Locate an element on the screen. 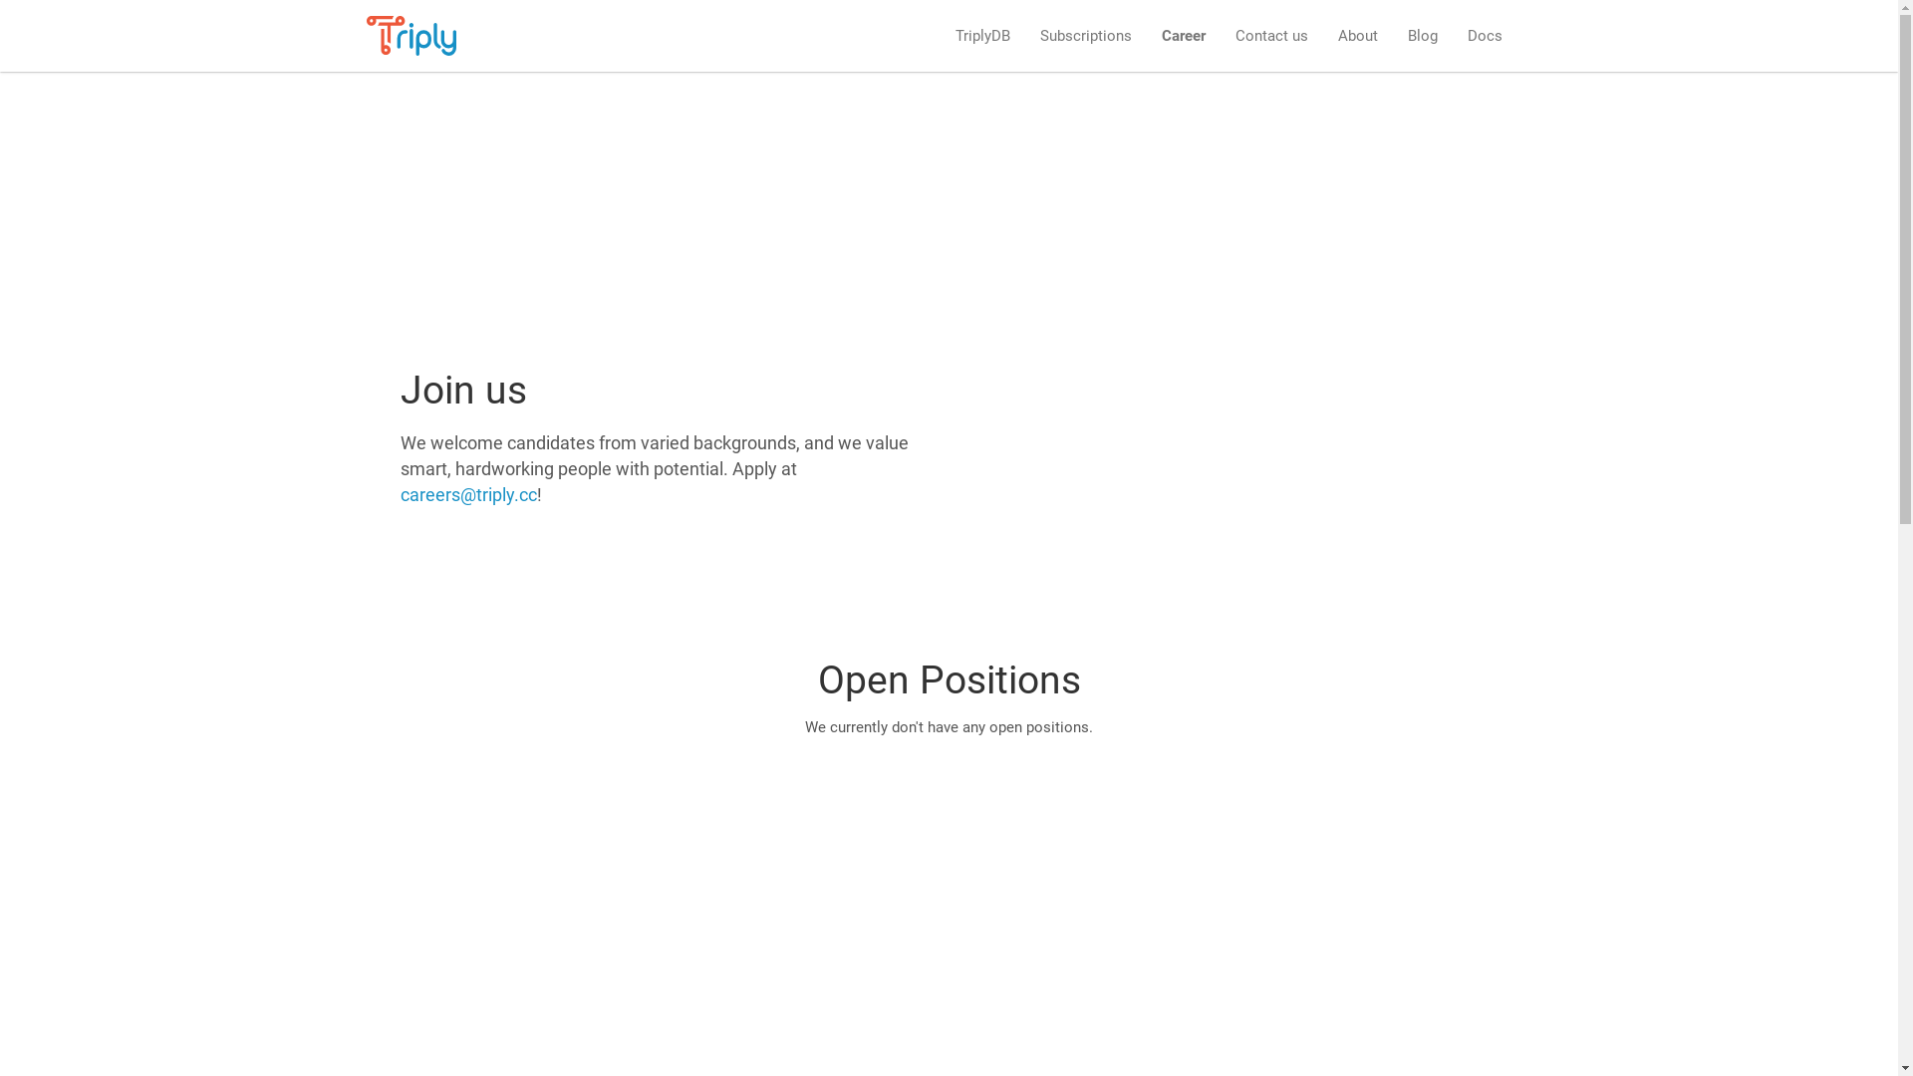 Image resolution: width=1913 pixels, height=1076 pixels. 'TriplyDB' is located at coordinates (982, 35).